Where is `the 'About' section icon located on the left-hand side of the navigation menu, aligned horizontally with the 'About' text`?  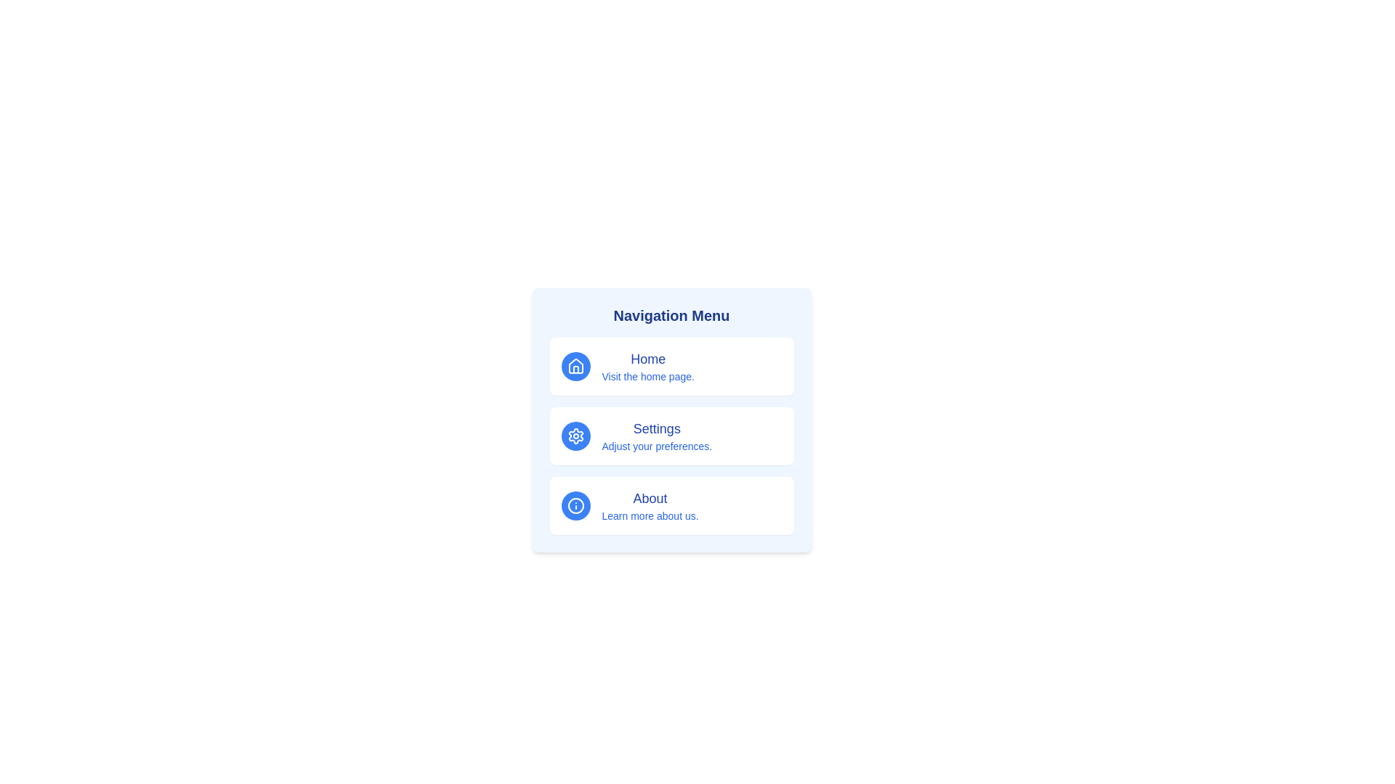
the 'About' section icon located on the left-hand side of the navigation menu, aligned horizontally with the 'About' text is located at coordinates (575, 505).